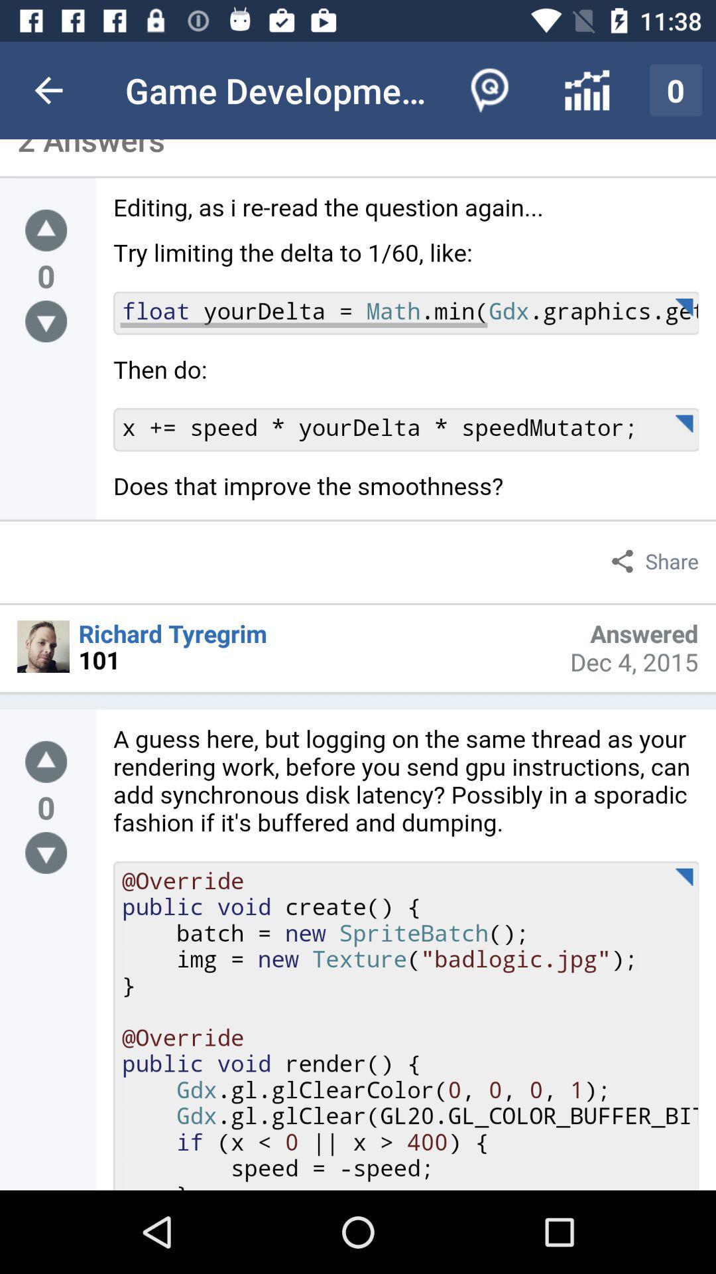 The width and height of the screenshot is (716, 1274). I want to click on move down, so click(45, 853).